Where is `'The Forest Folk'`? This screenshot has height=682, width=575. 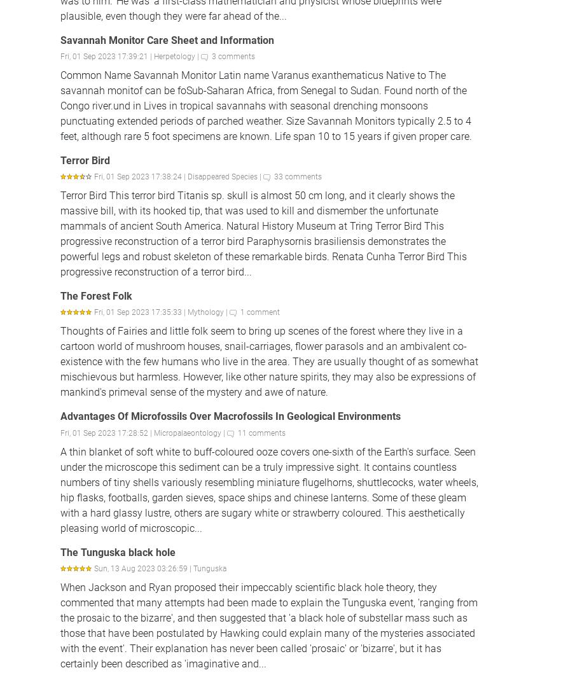
'The Forest Folk' is located at coordinates (60, 295).